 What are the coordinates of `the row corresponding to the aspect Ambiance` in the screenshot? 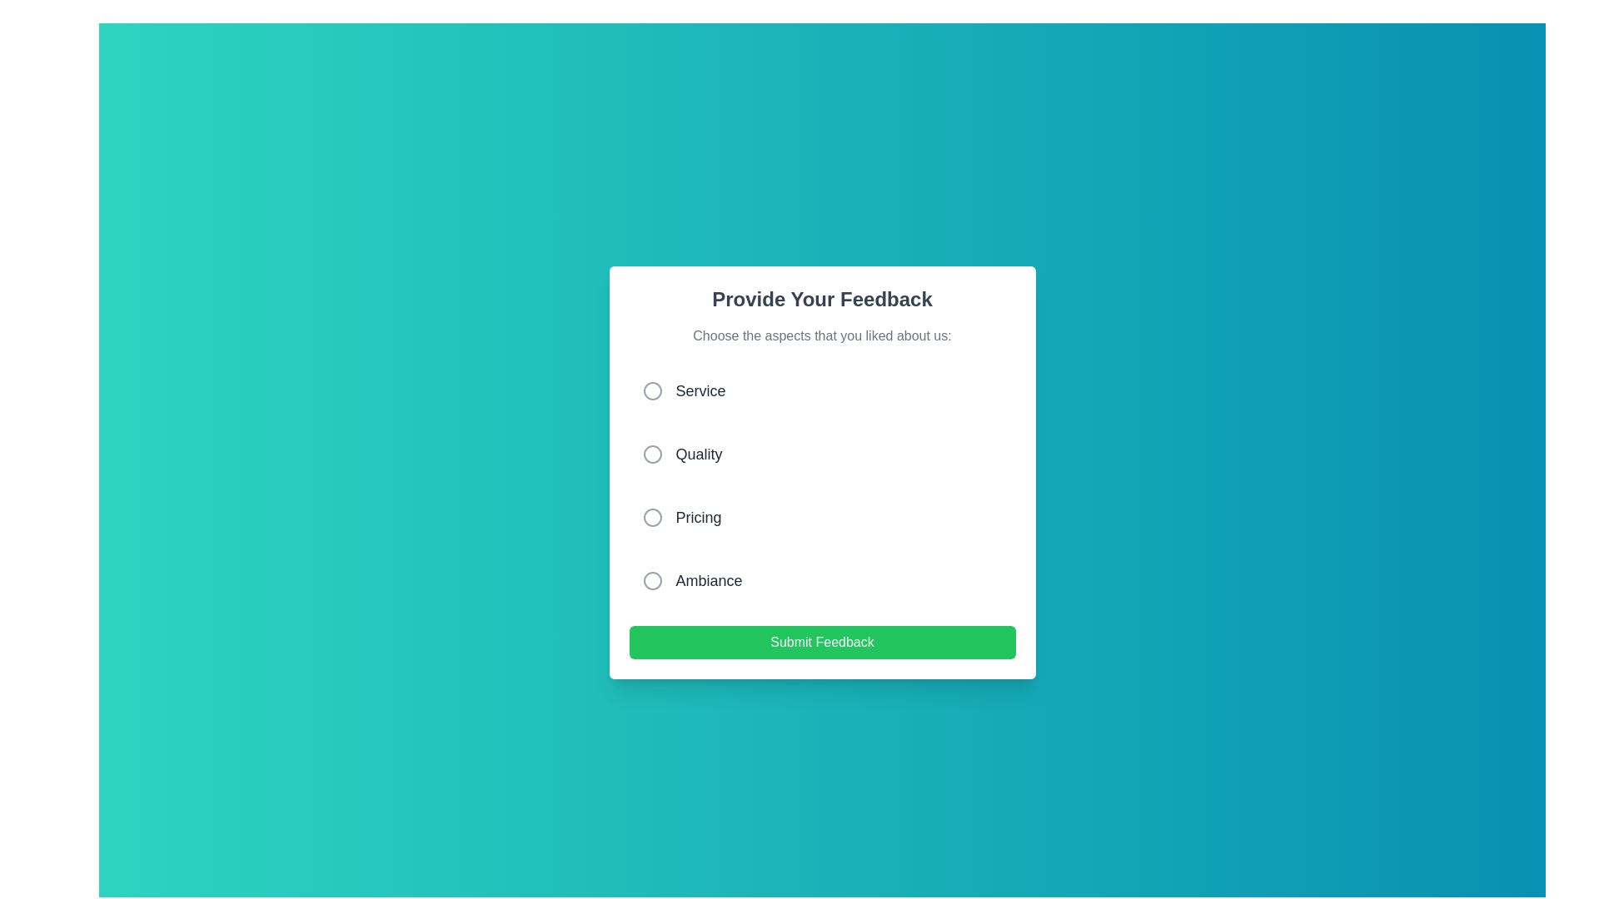 It's located at (822, 580).